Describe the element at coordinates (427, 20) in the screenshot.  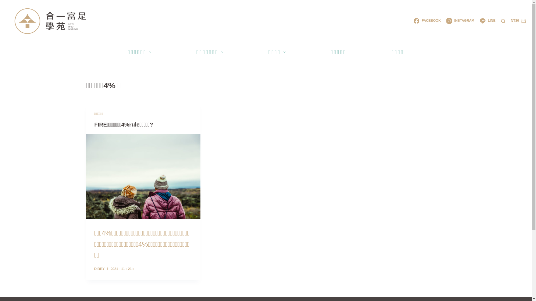
I see `'FACEBOOK'` at that location.